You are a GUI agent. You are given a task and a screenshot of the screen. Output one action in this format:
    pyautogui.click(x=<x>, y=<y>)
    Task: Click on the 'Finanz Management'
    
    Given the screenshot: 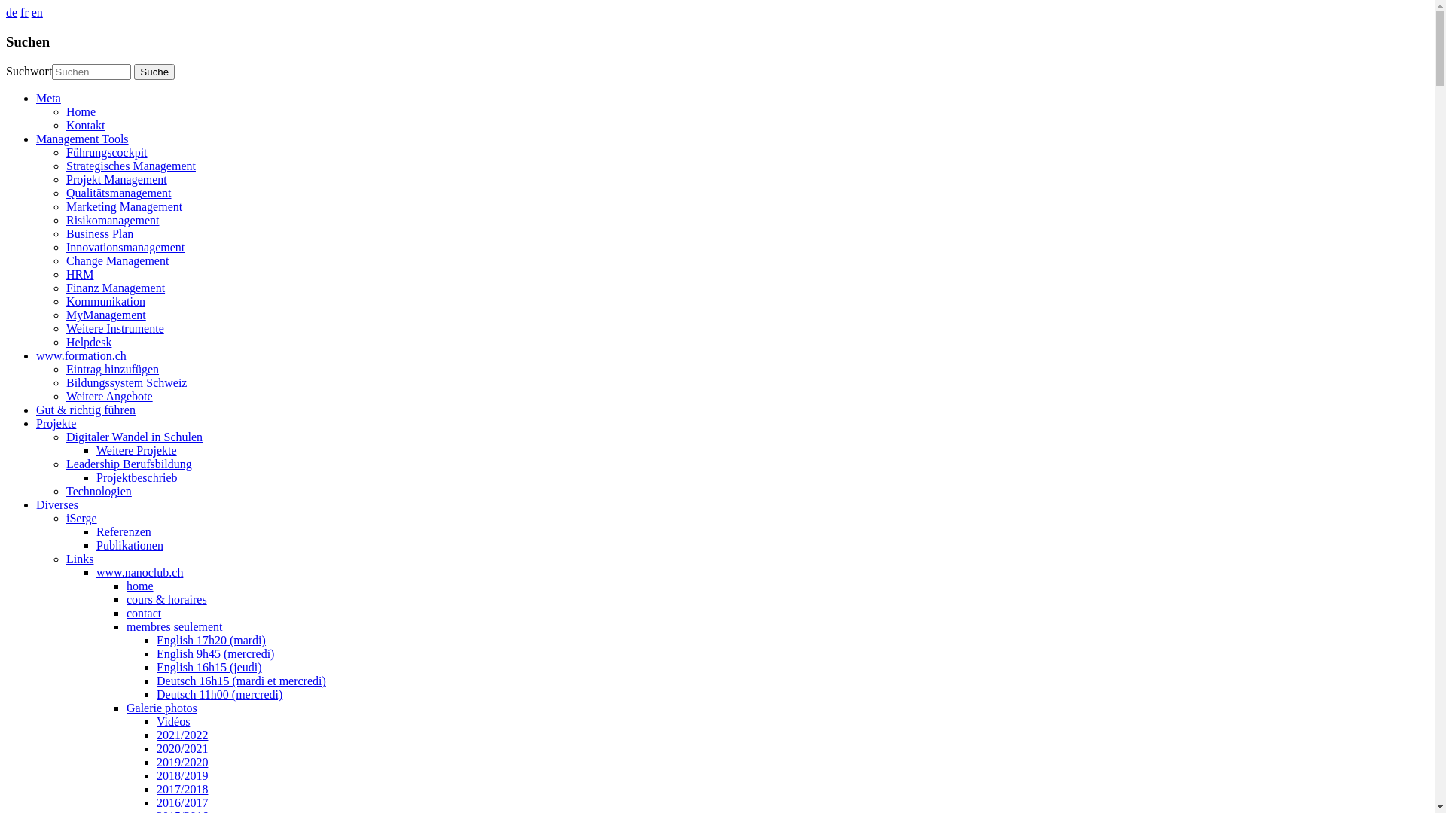 What is the action you would take?
    pyautogui.click(x=114, y=288)
    